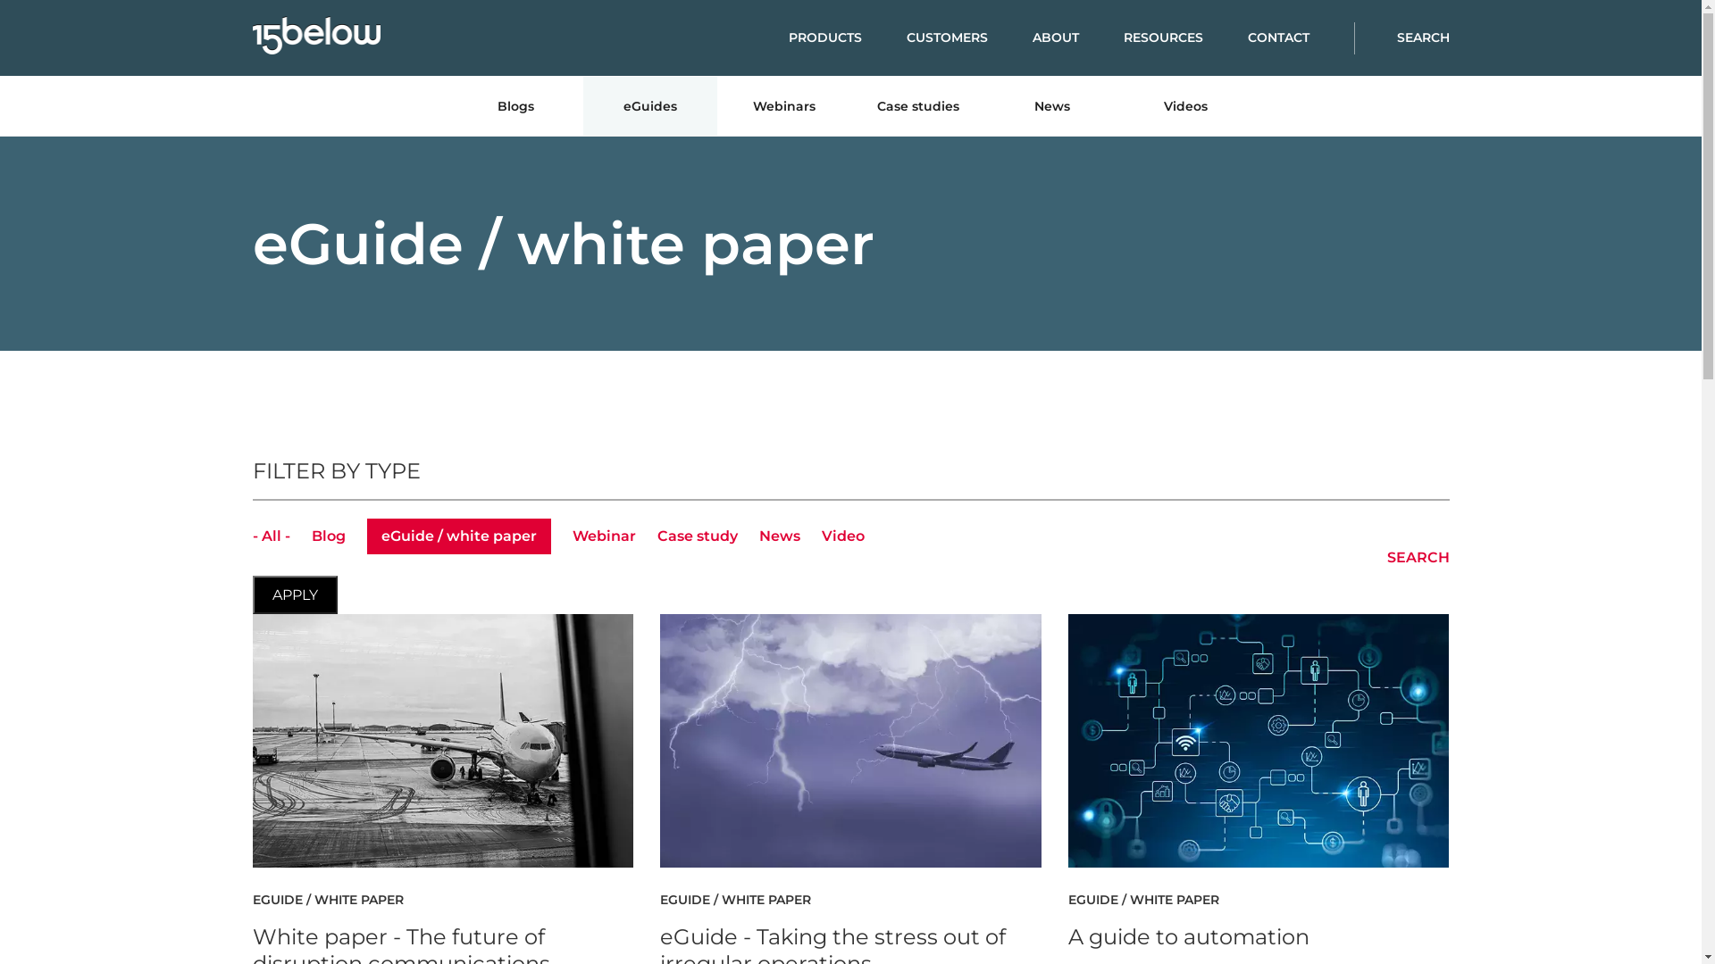 This screenshot has height=964, width=1715. I want to click on 'Videos', so click(1184, 106).